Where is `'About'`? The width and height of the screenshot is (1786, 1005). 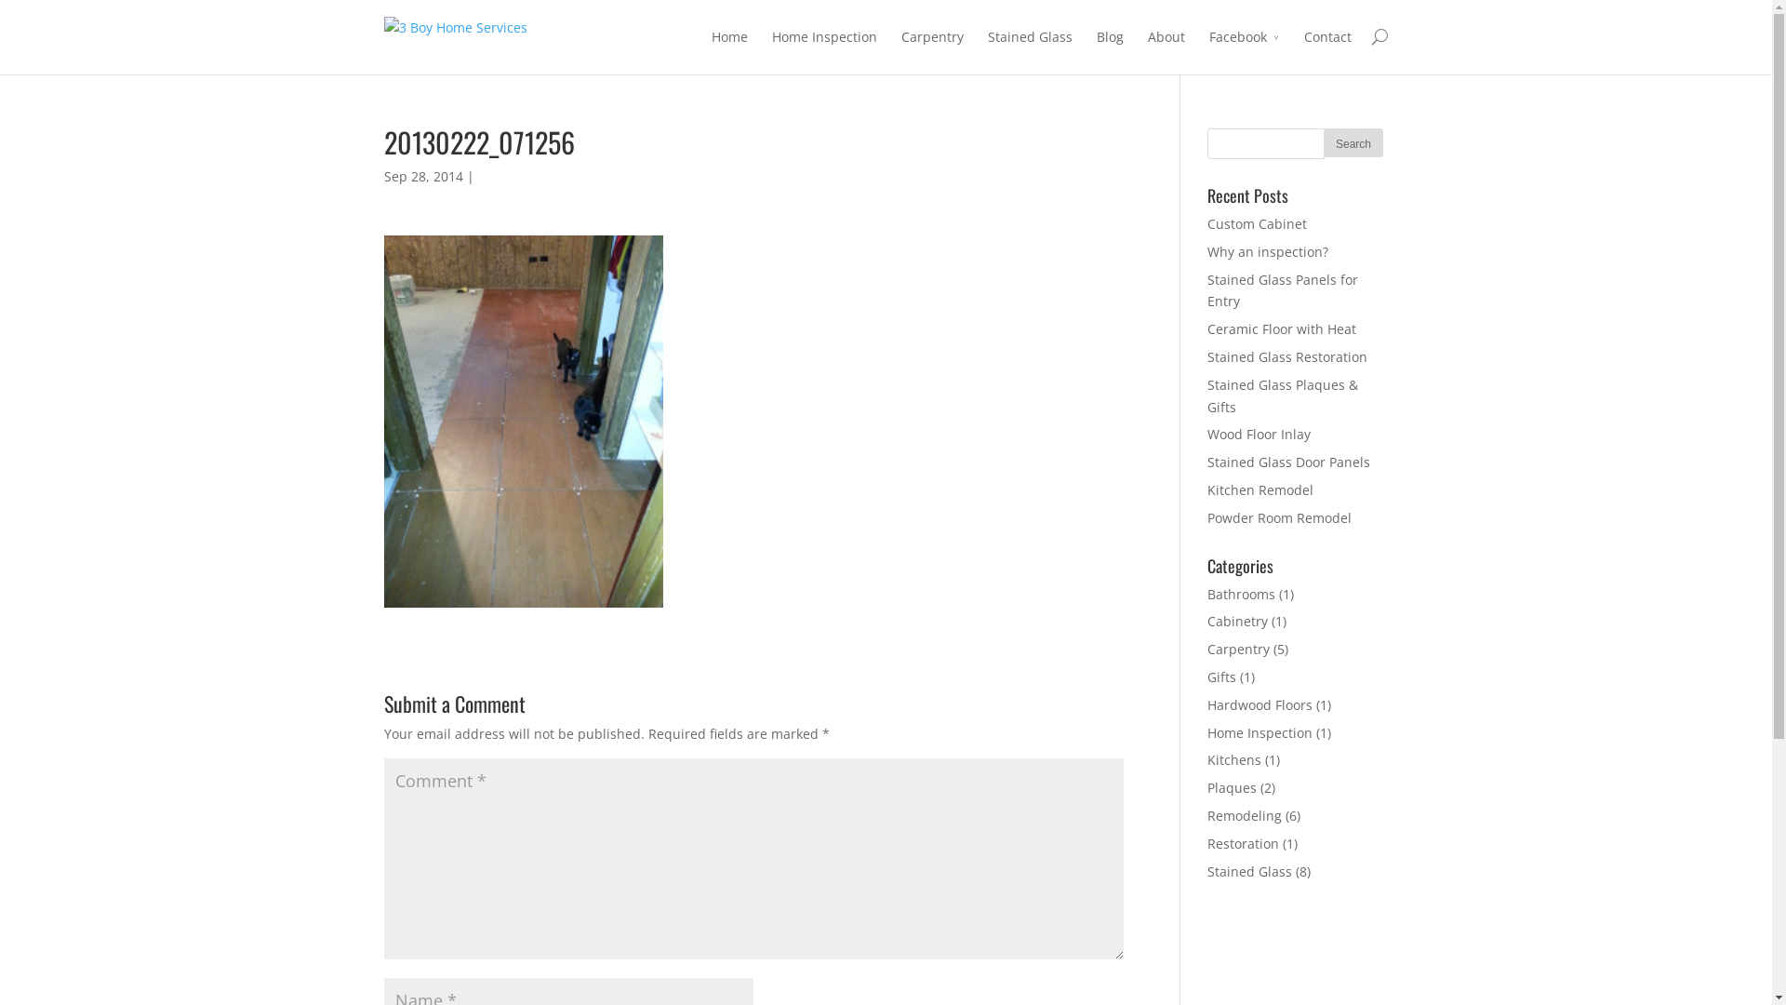 'About' is located at coordinates (1165, 49).